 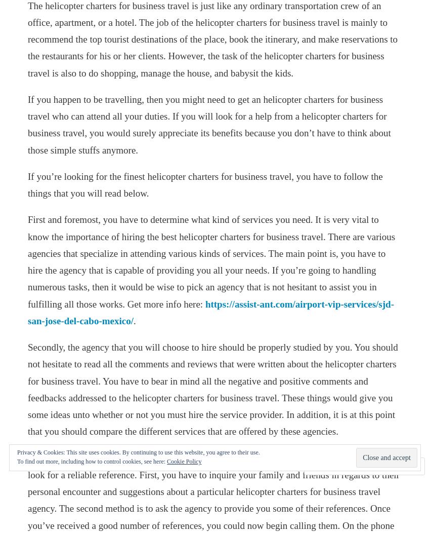 What do you see at coordinates (338, 466) in the screenshot?
I see `'Comment'` at bounding box center [338, 466].